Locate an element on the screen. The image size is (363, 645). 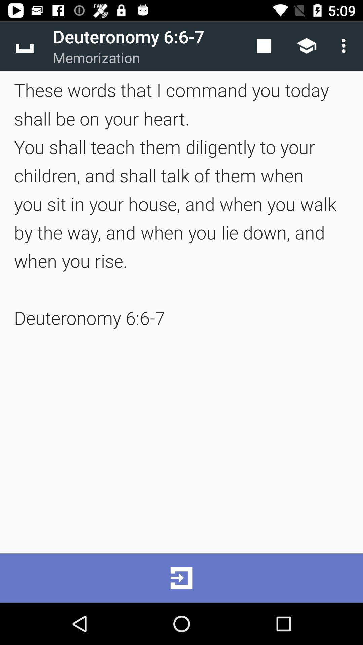
the these words that item is located at coordinates (182, 203).